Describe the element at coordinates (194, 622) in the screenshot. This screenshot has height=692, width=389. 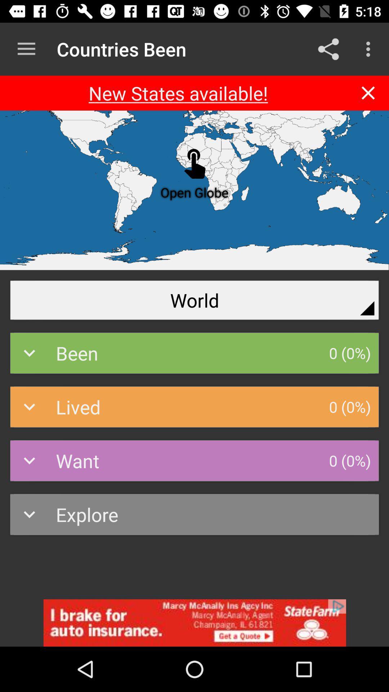
I see `advertisement page` at that location.